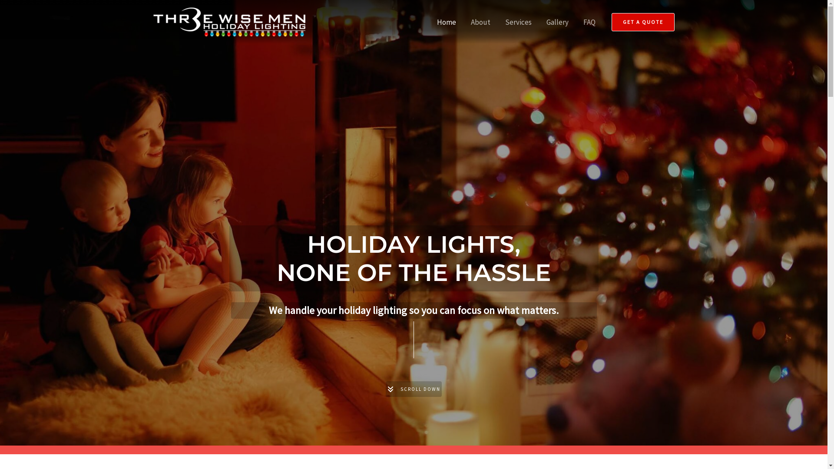 The width and height of the screenshot is (834, 469). What do you see at coordinates (518, 21) in the screenshot?
I see `'Services'` at bounding box center [518, 21].